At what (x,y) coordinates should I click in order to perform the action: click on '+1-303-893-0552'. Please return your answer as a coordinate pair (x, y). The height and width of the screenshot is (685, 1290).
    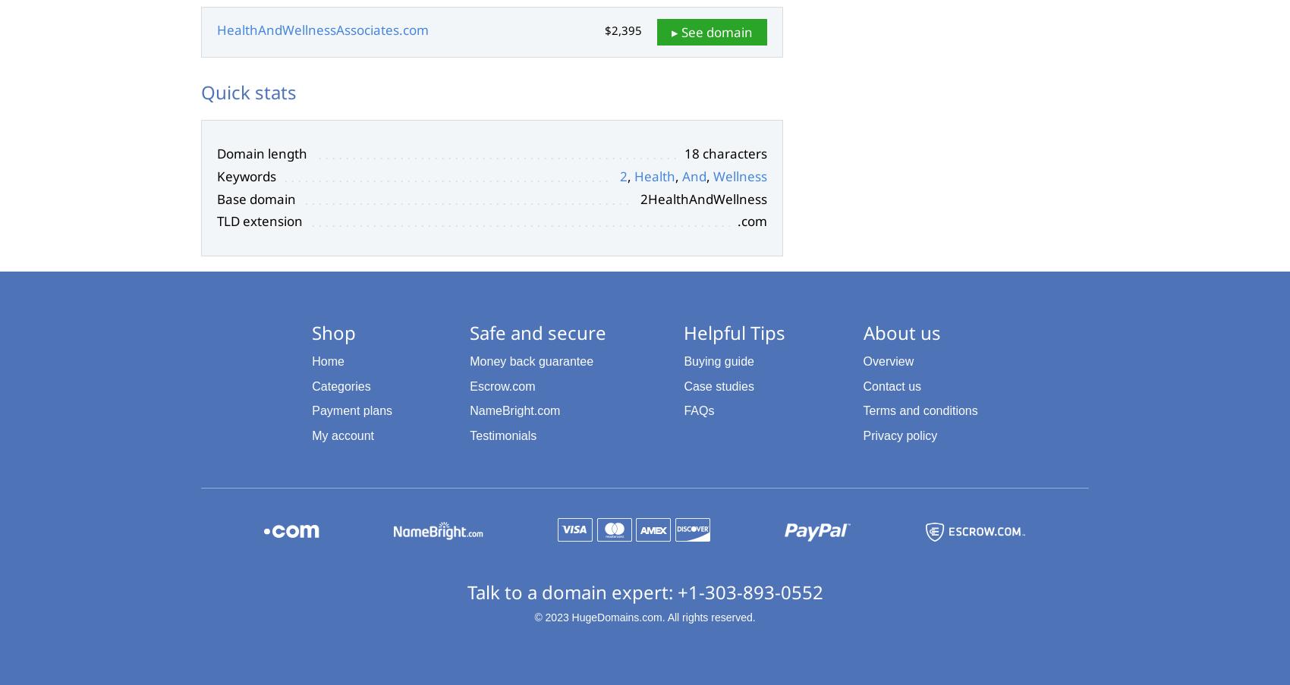
    Looking at the image, I should click on (749, 590).